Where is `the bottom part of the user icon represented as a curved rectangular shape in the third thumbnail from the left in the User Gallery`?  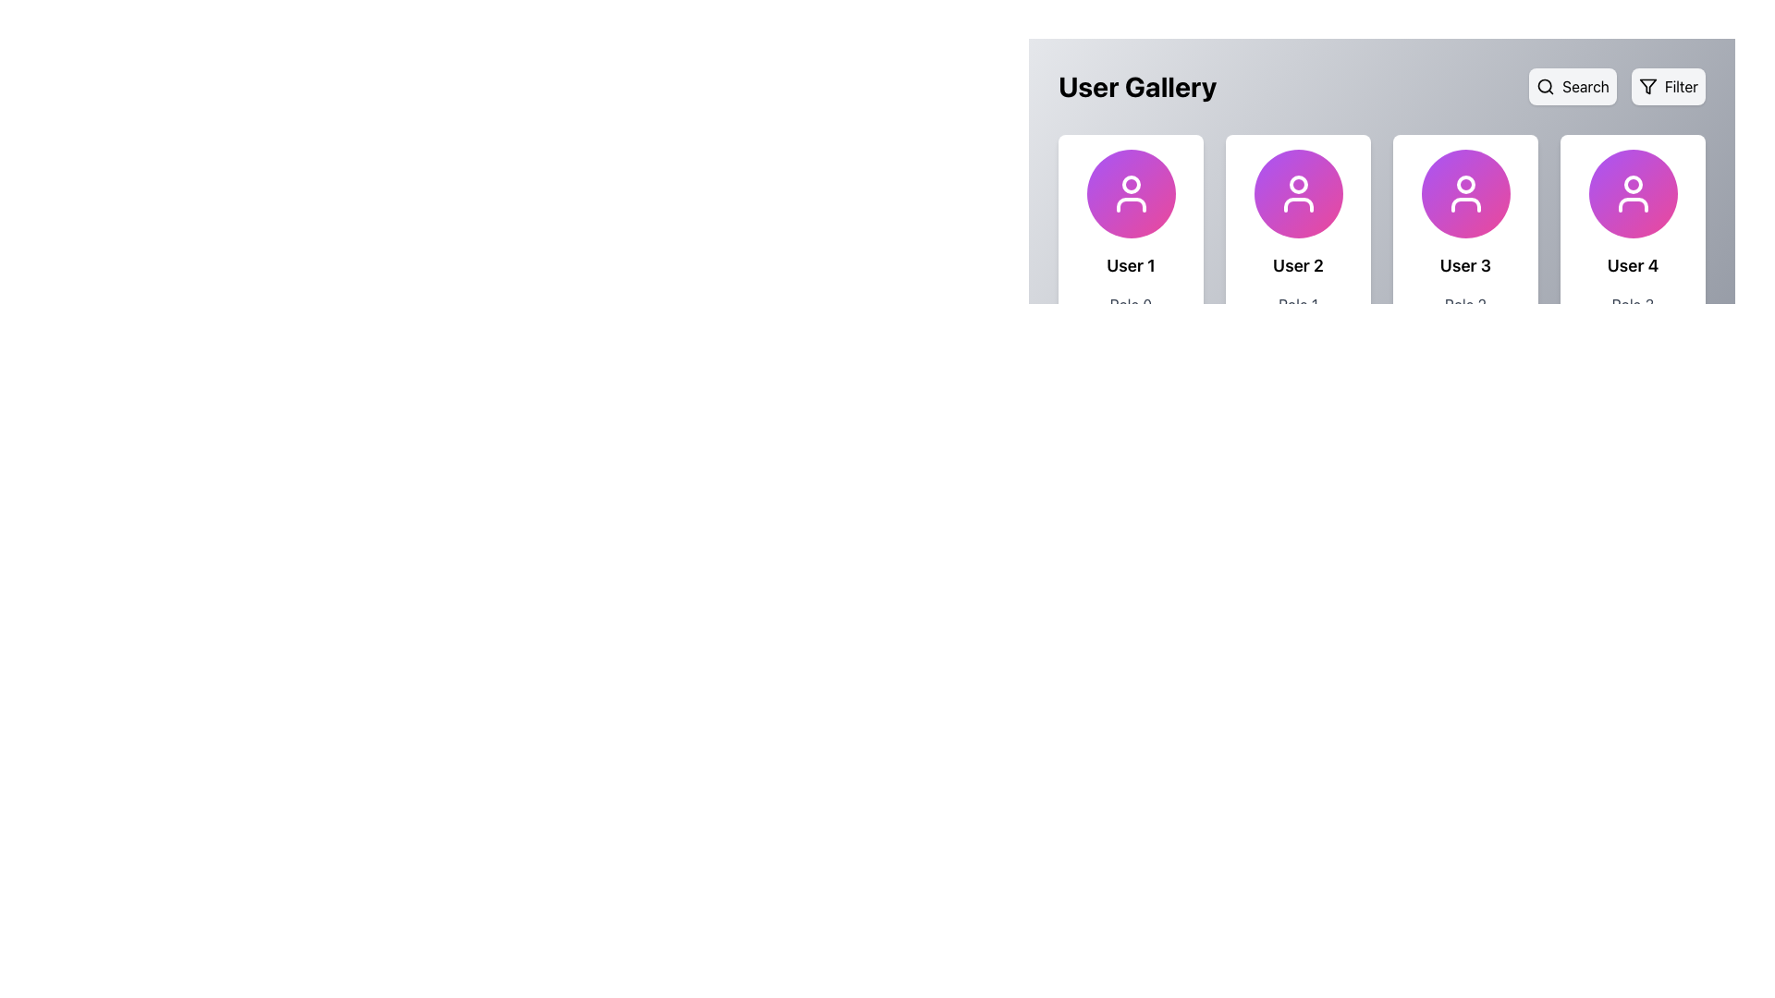
the bottom part of the user icon represented as a curved rectangular shape in the third thumbnail from the left in the User Gallery is located at coordinates (1464, 205).